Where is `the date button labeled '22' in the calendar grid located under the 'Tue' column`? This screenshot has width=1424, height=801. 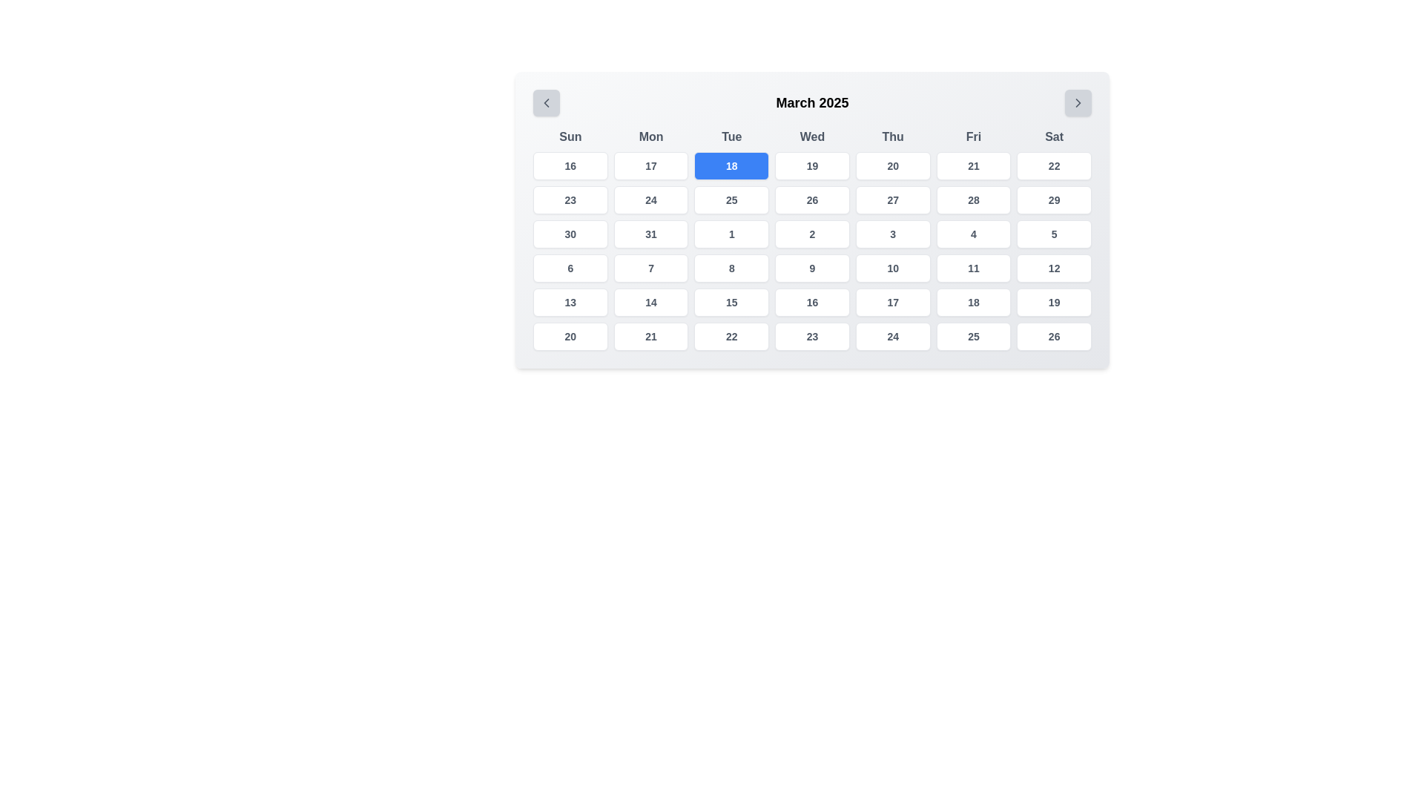 the date button labeled '22' in the calendar grid located under the 'Tue' column is located at coordinates (731, 337).